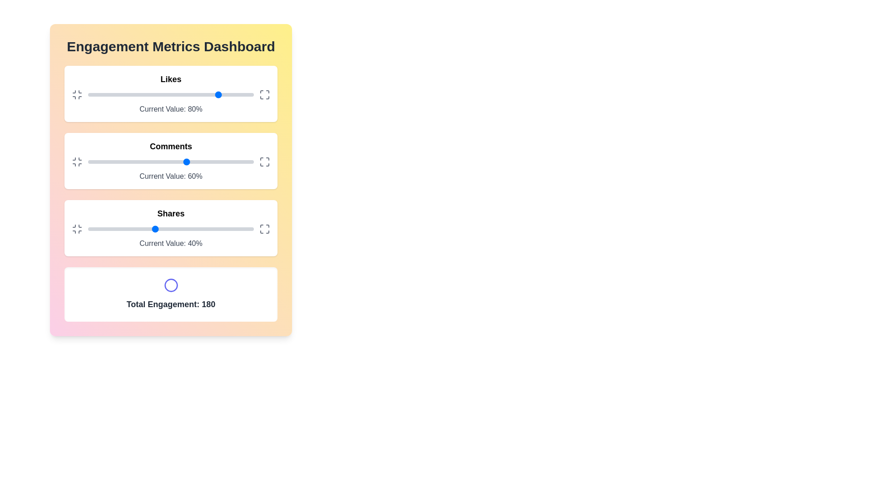 The image size is (872, 490). I want to click on comments, so click(99, 162).